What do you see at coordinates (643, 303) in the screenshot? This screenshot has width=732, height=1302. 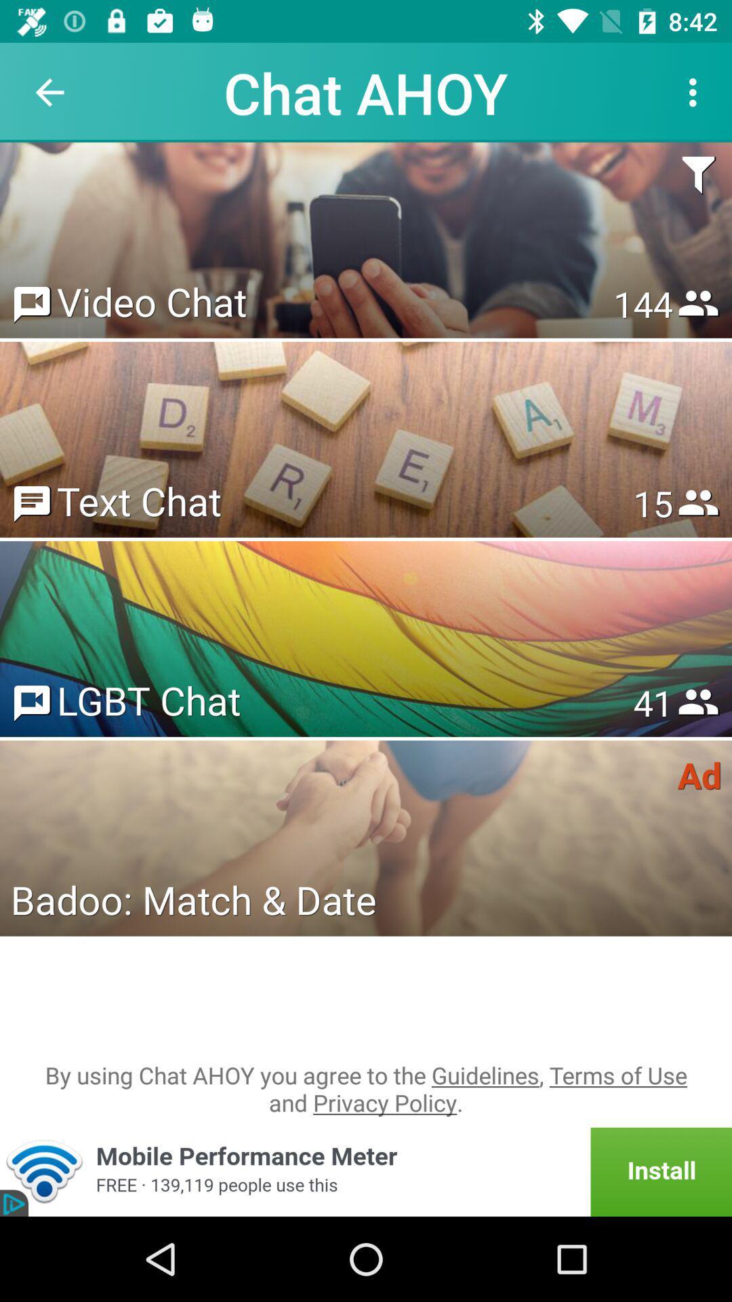 I see `item next to video chat` at bounding box center [643, 303].